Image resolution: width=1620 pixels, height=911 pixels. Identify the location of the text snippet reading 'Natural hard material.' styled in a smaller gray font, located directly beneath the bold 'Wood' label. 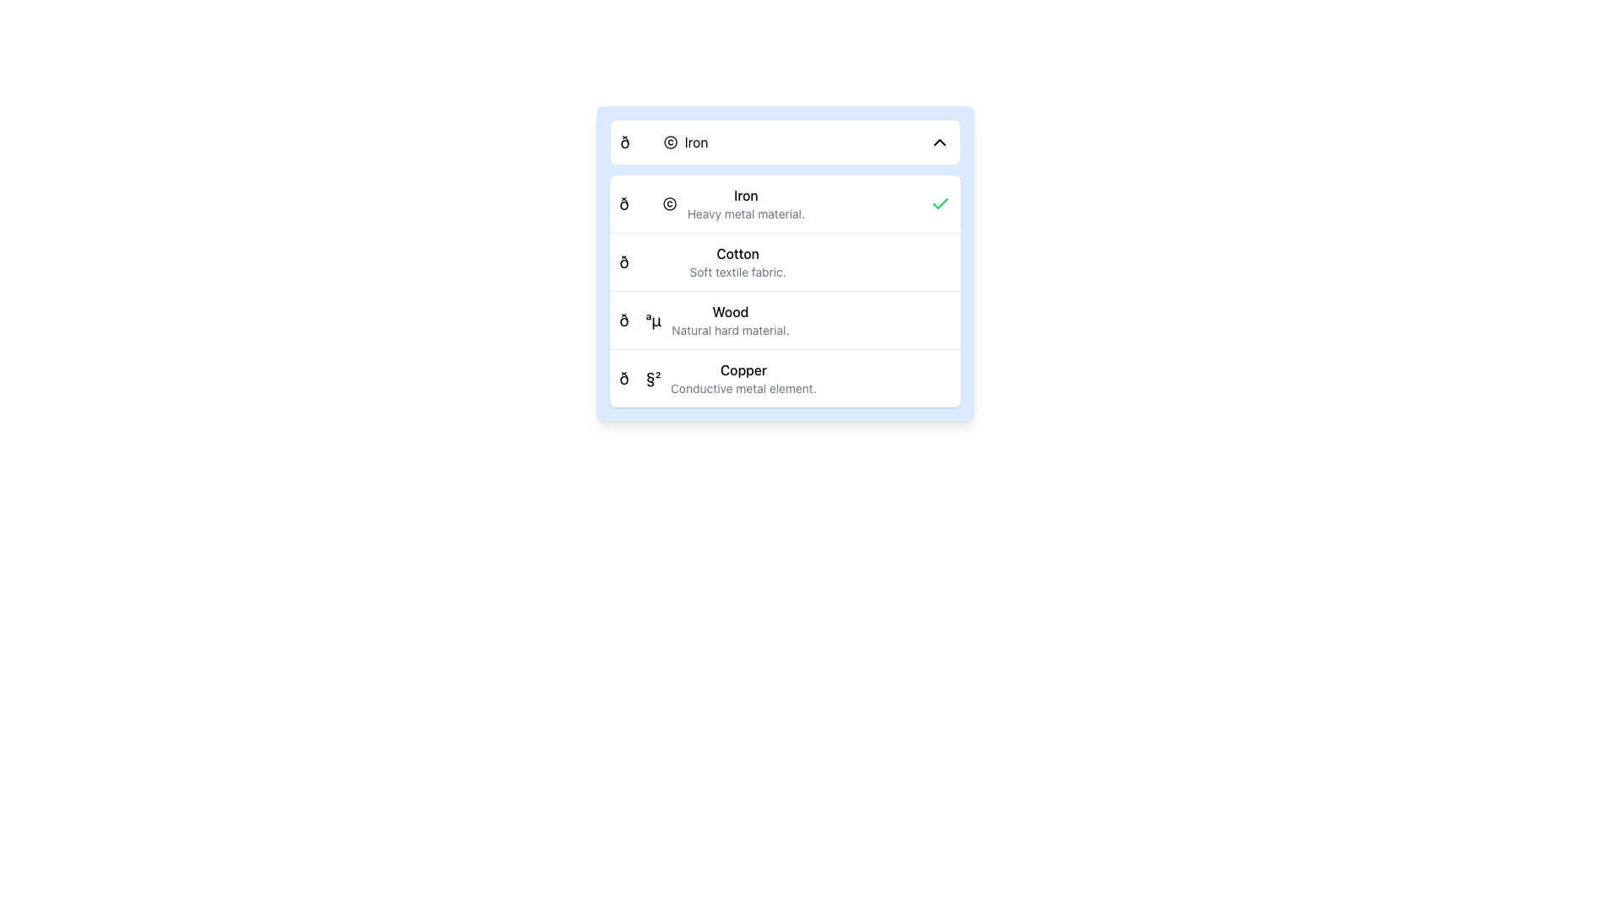
(730, 331).